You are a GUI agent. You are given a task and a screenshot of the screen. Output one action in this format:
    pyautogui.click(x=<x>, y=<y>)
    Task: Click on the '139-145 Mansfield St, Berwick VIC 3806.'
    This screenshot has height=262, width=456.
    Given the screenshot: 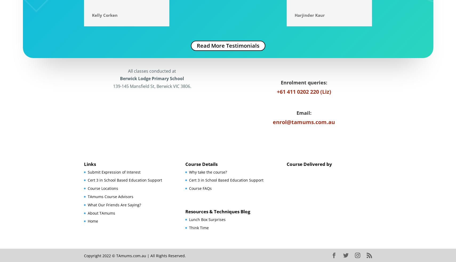 What is the action you would take?
    pyautogui.click(x=152, y=86)
    